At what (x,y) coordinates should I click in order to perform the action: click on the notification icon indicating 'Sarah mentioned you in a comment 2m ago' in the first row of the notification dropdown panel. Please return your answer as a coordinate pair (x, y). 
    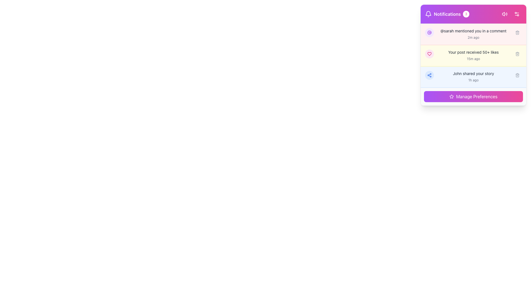
    Looking at the image, I should click on (429, 33).